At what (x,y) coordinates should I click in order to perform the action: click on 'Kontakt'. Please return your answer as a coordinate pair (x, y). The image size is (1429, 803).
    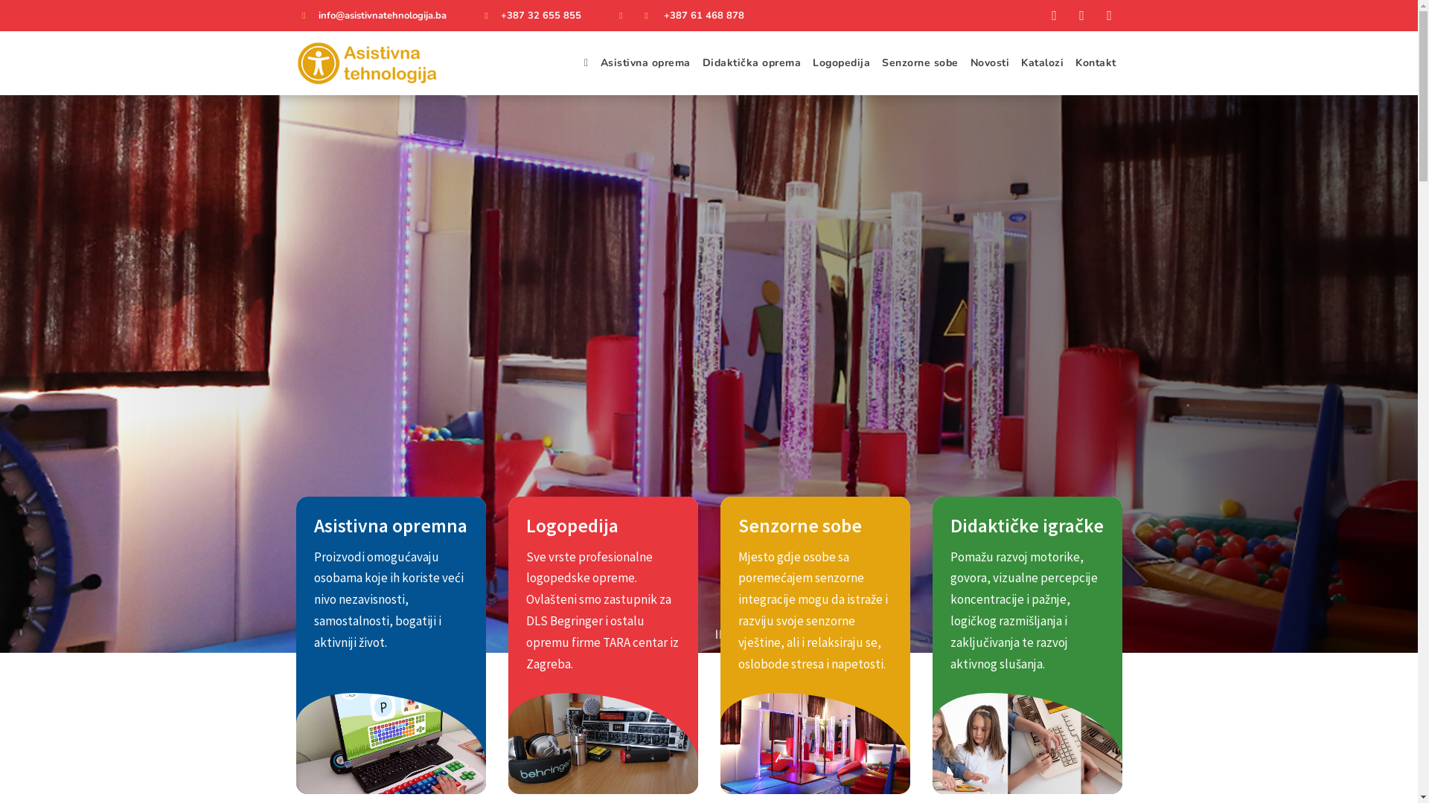
    Looking at the image, I should click on (1096, 62).